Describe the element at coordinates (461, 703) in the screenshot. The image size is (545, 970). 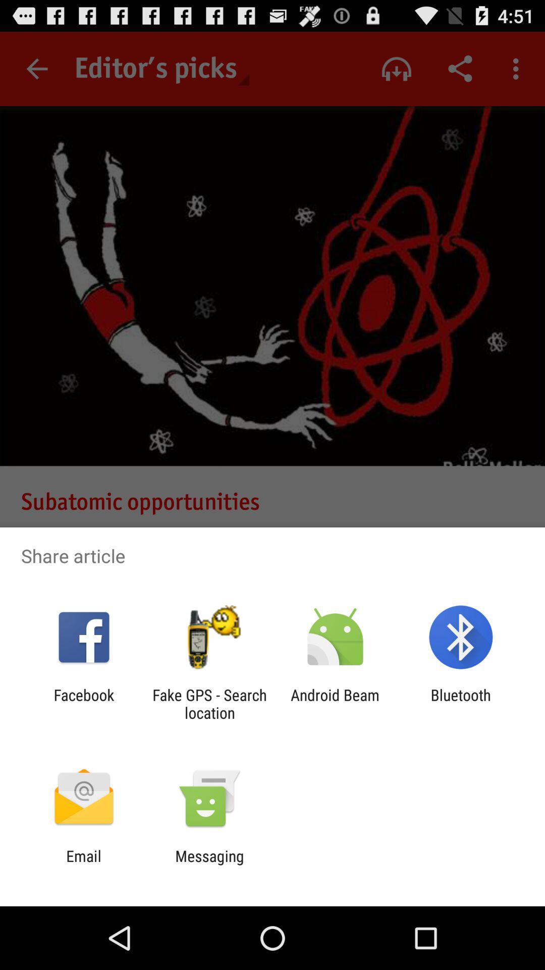
I see `app at the bottom right corner` at that location.